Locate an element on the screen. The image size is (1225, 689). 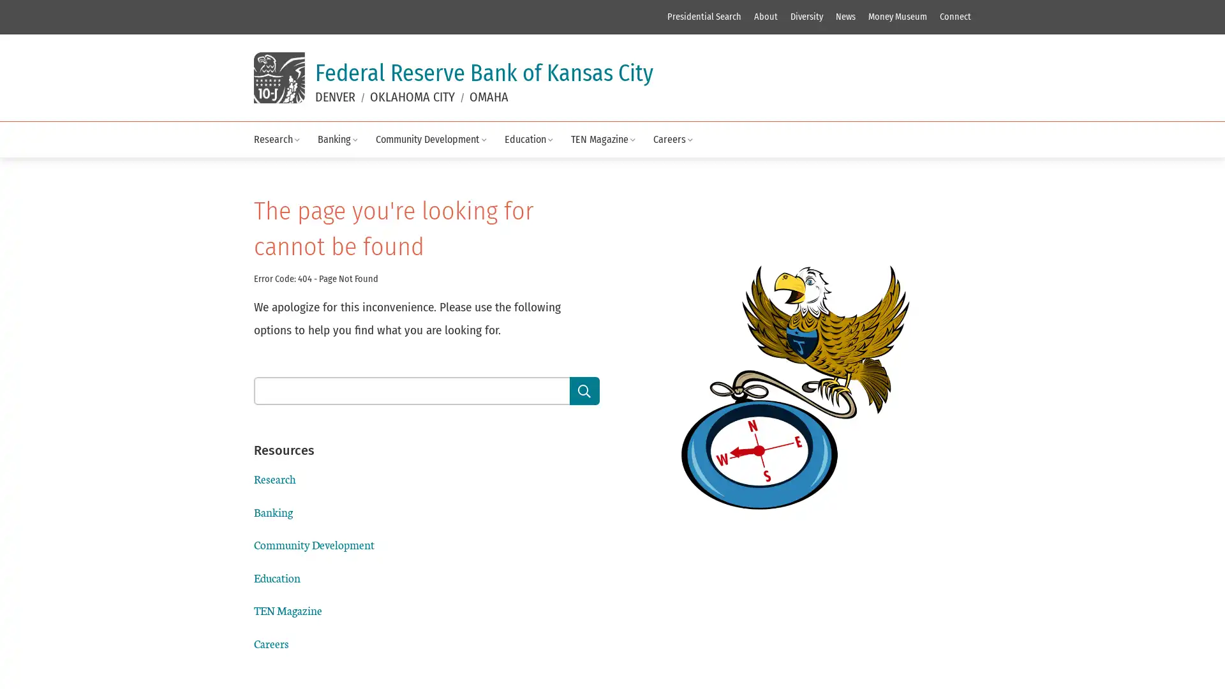
TEN Magazine is located at coordinates (602, 139).